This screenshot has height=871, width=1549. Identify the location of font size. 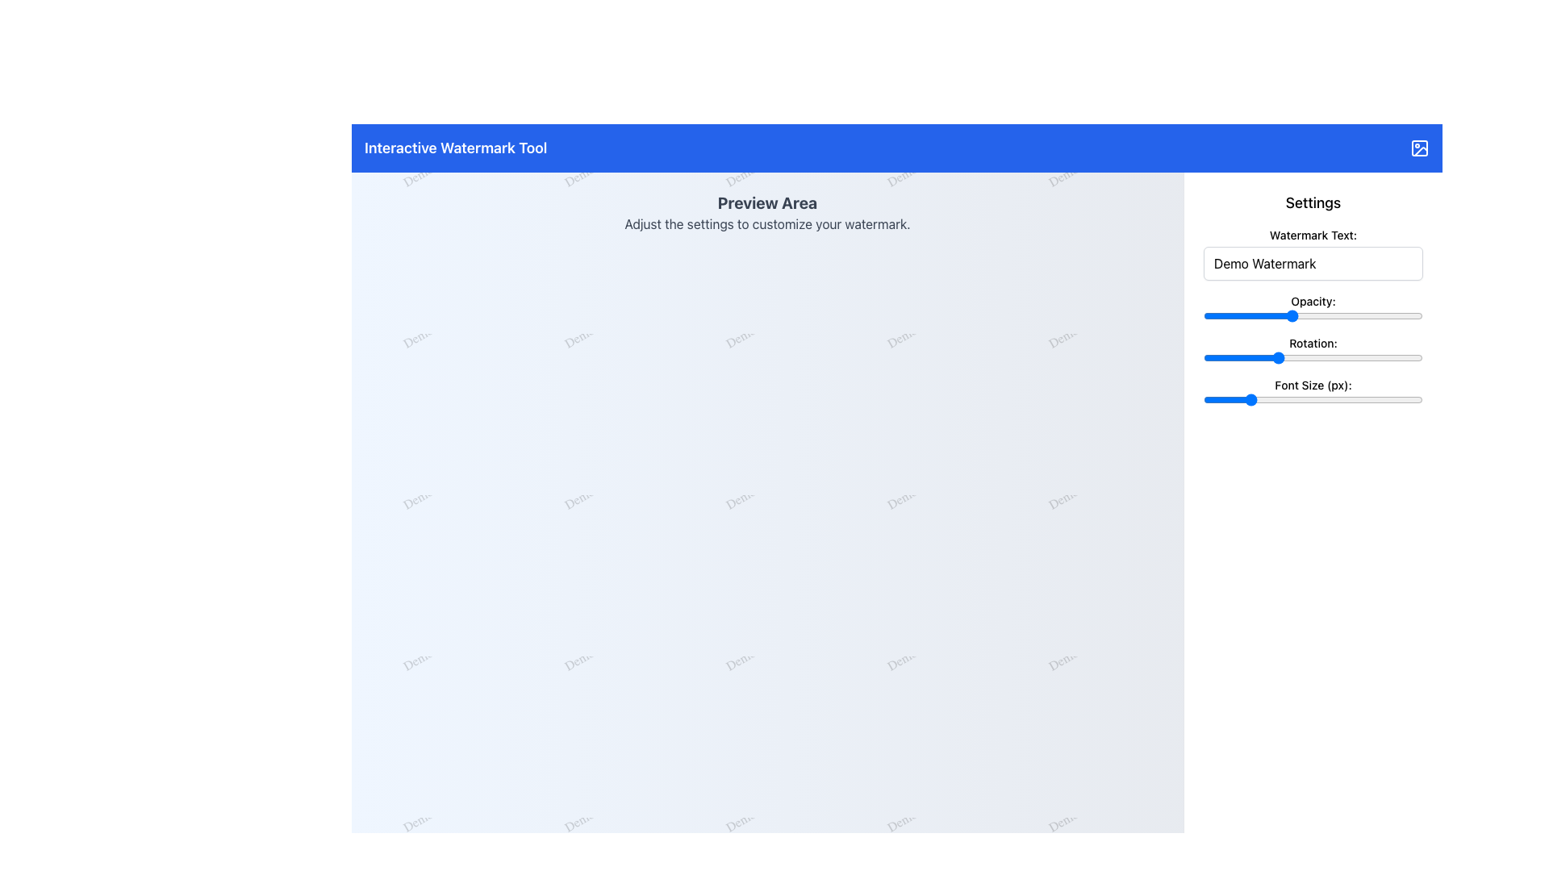
(1204, 399).